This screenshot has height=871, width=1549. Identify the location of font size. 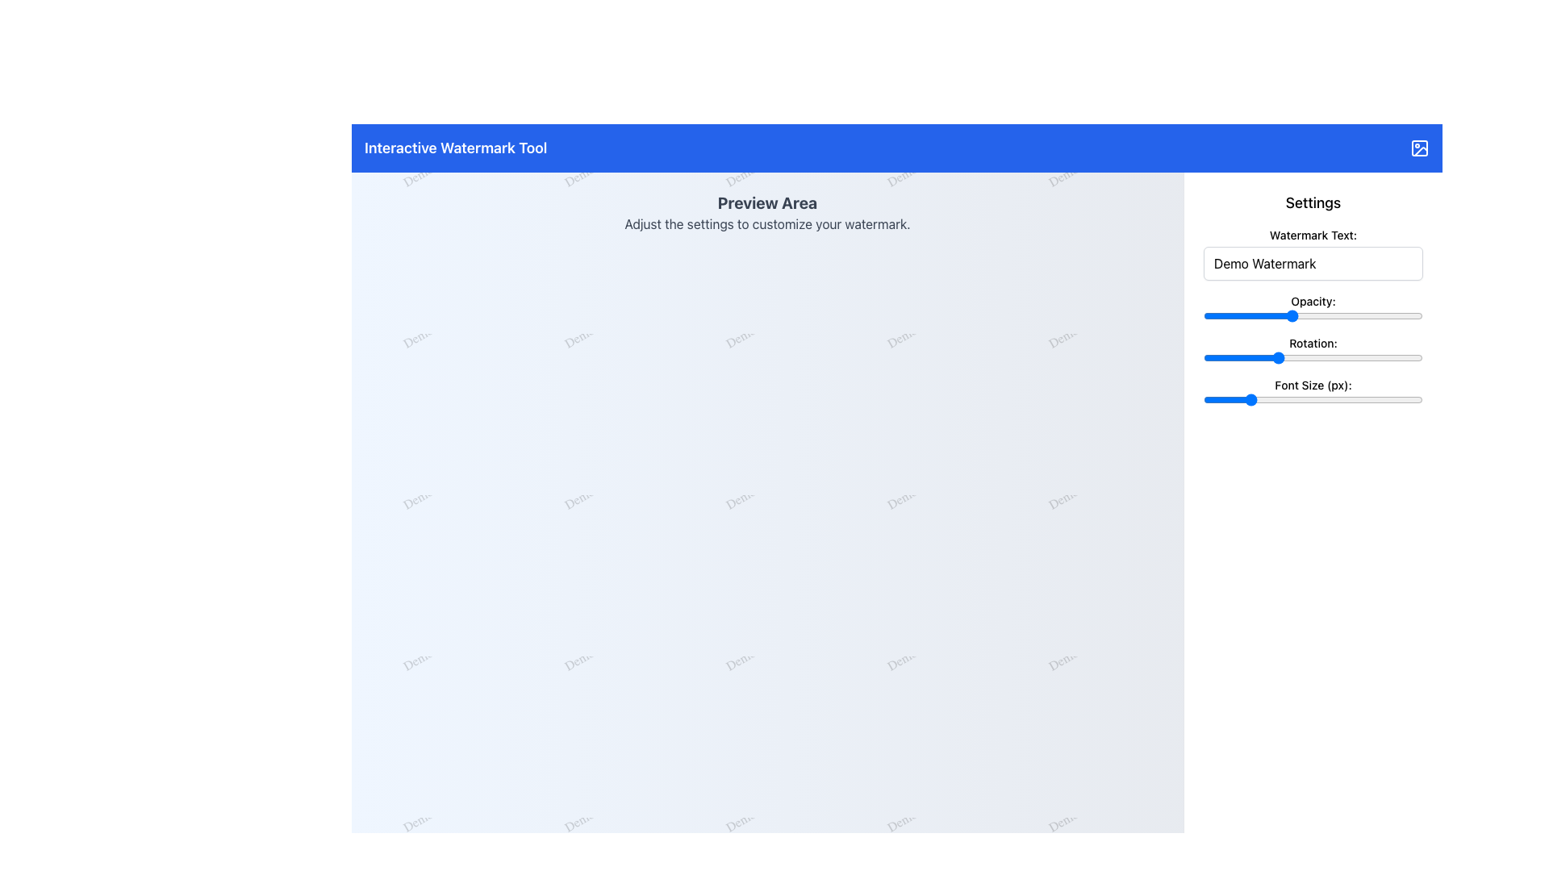
(1204, 399).